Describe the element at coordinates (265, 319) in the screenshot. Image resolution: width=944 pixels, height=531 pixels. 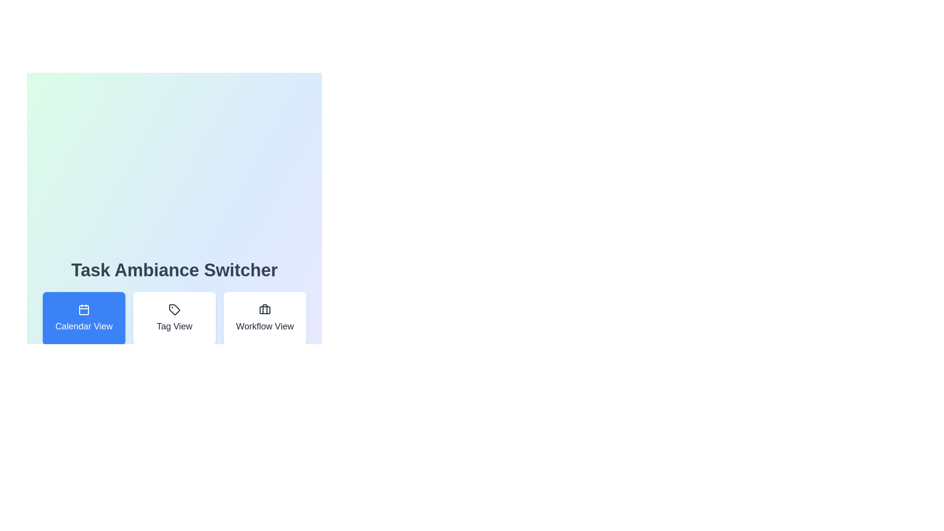
I see `the third button labeled 'Workflow View', which has a rectangular shape with rounded corners` at that location.